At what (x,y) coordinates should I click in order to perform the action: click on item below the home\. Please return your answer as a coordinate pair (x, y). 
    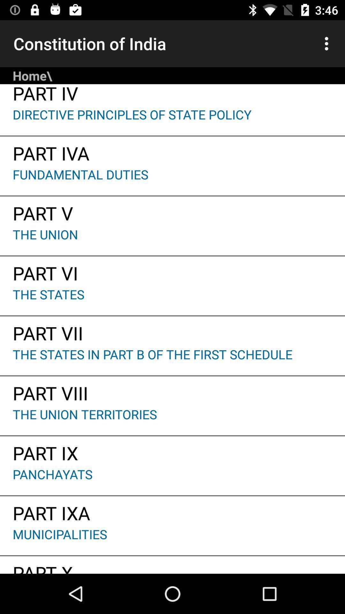
    Looking at the image, I should click on (172, 95).